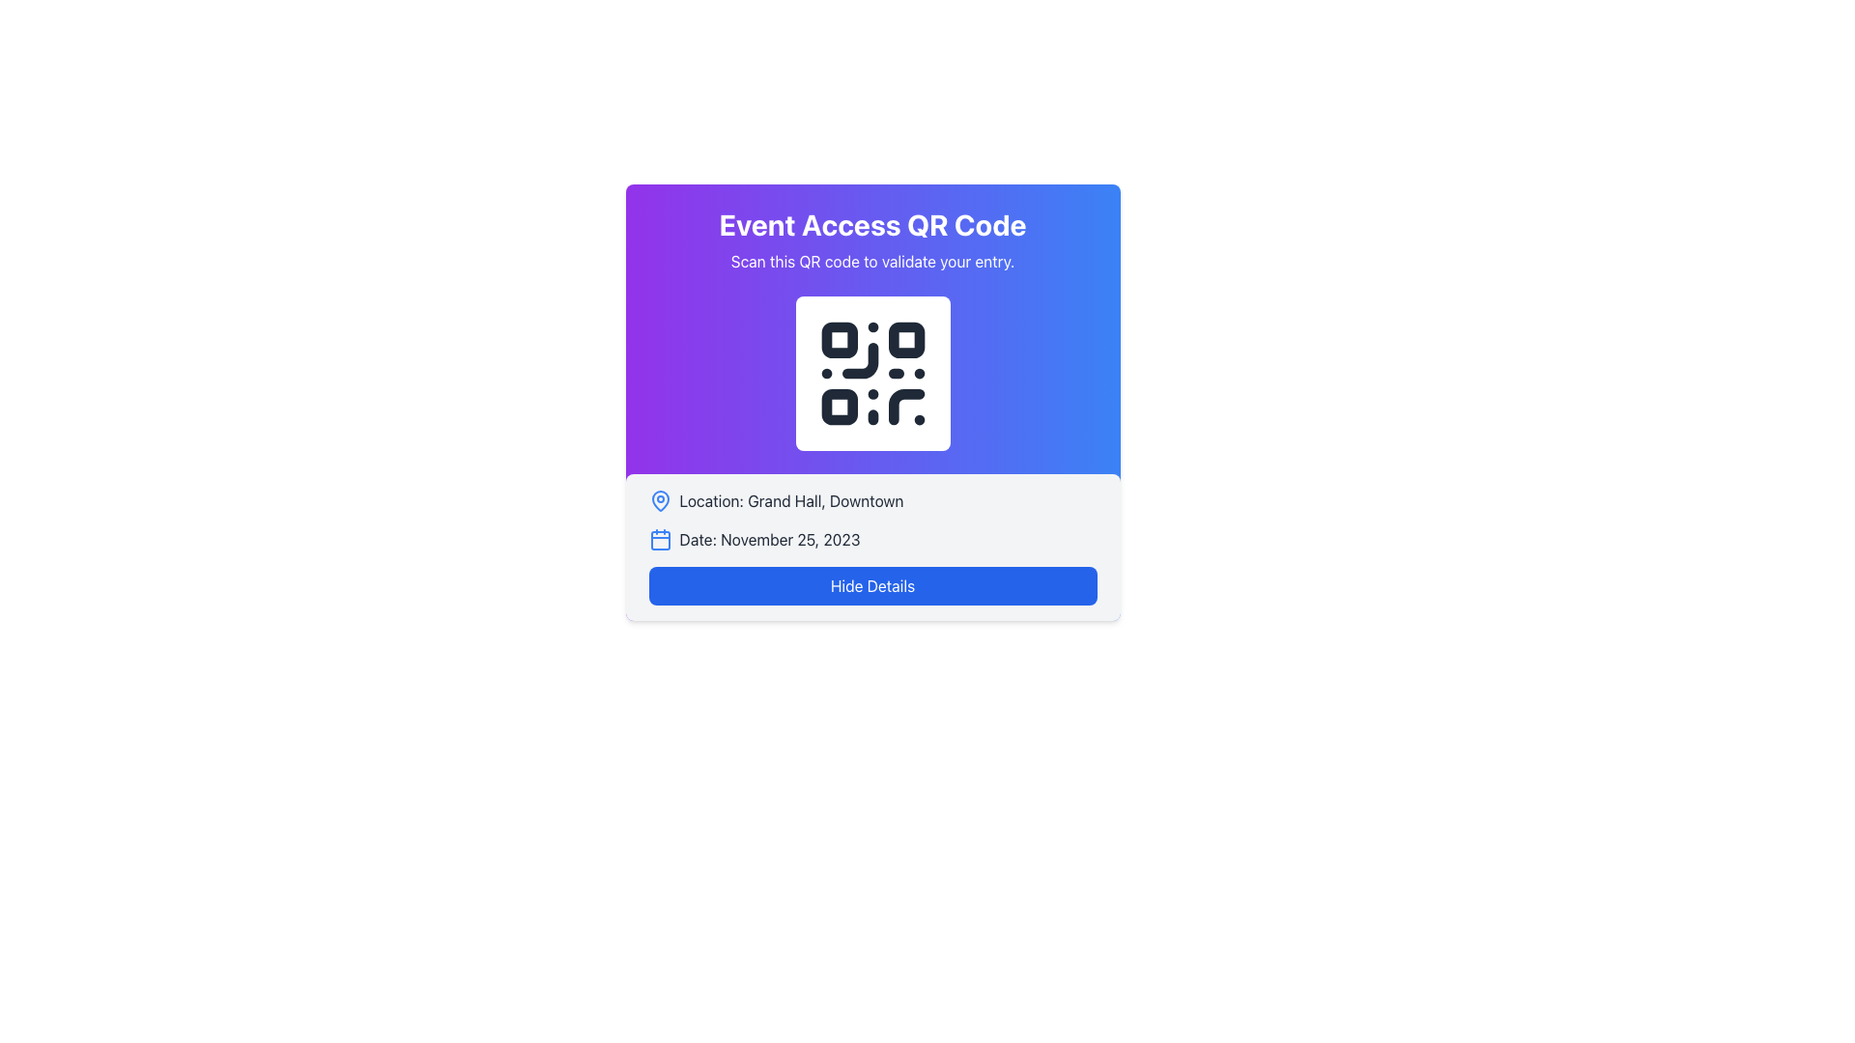  I want to click on the blue map pin icon located to the left of the text 'Location: Grand Hall, Downtown', which is styled in modern vector art and has a circular base with a pointed tail, so click(660, 500).